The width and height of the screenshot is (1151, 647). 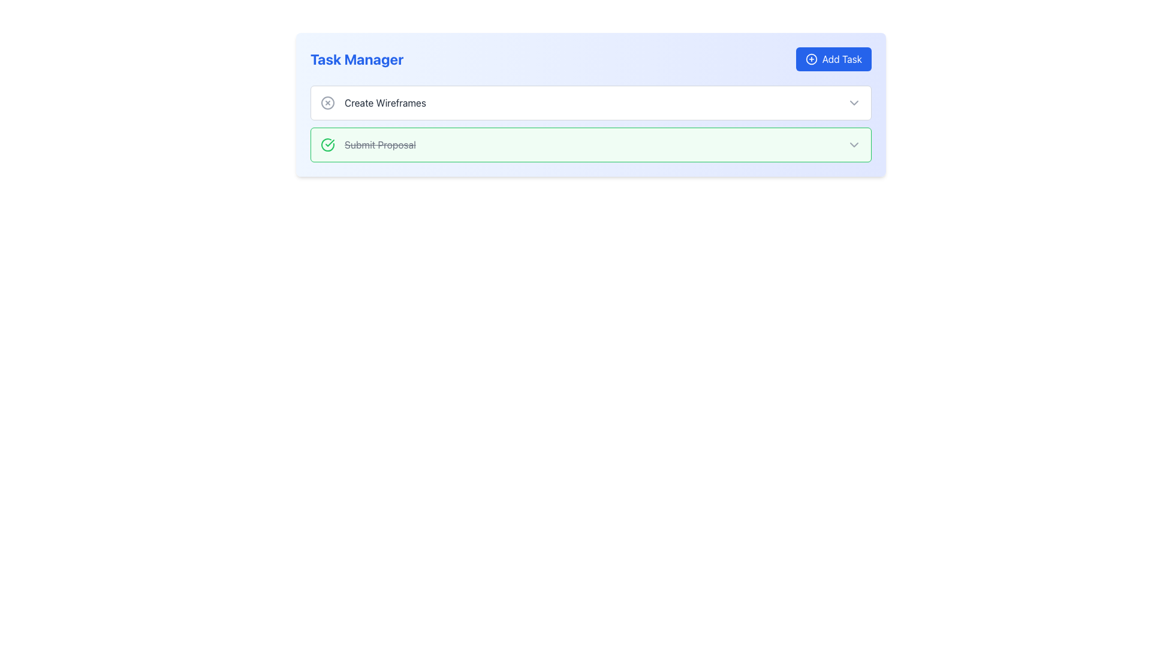 I want to click on the circular icon button with a cross inside, which is located, so click(x=328, y=102).